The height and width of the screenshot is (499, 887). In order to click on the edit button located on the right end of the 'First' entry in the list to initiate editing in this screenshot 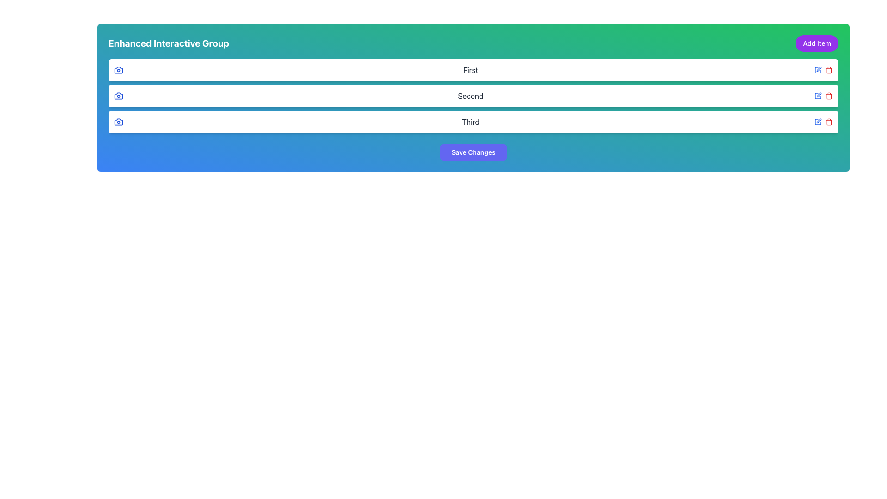, I will do `click(818, 69)`.